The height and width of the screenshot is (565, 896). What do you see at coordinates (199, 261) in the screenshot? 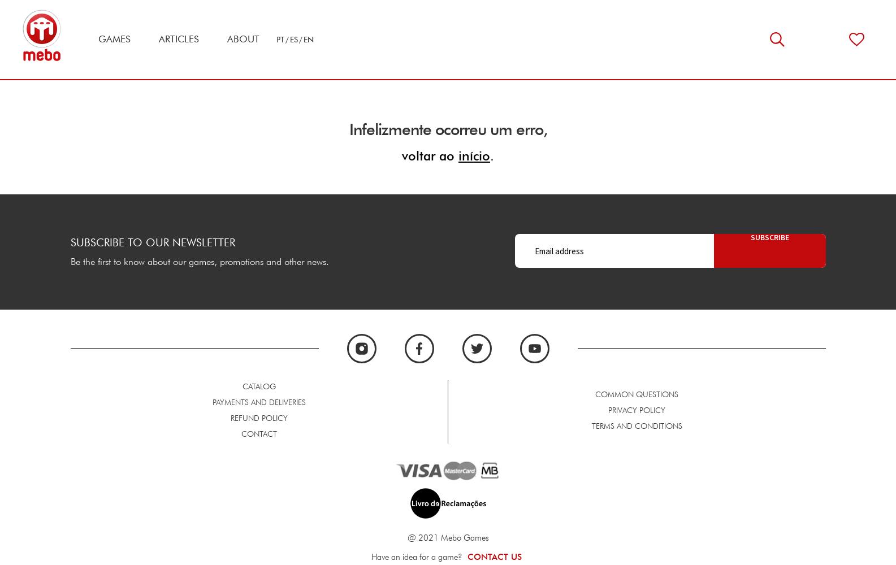
I see `'Be the first to know about our games, promotions and other news.'` at bounding box center [199, 261].